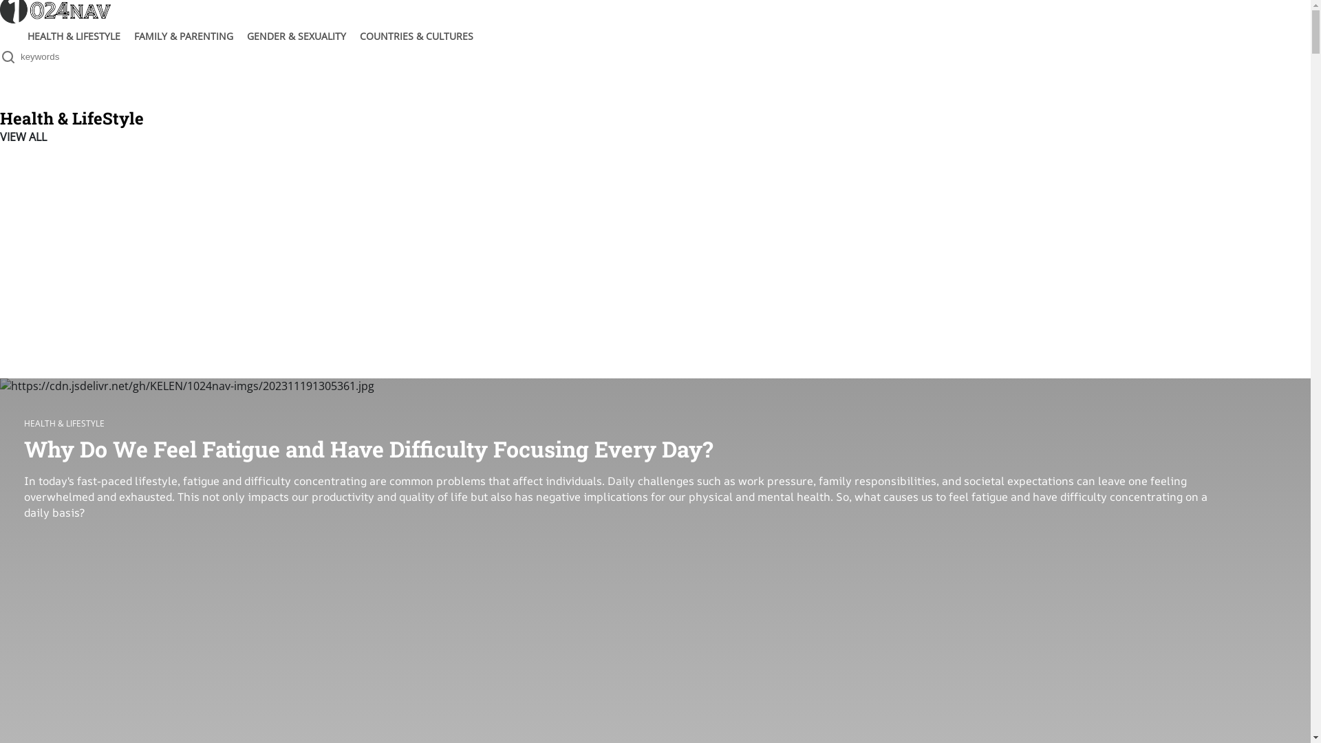  I want to click on 'GENDER & SEXUALITY', so click(296, 35).